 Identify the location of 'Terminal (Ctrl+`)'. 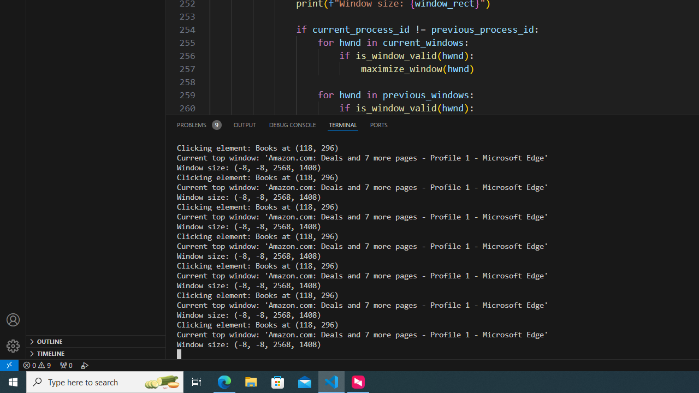
(342, 124).